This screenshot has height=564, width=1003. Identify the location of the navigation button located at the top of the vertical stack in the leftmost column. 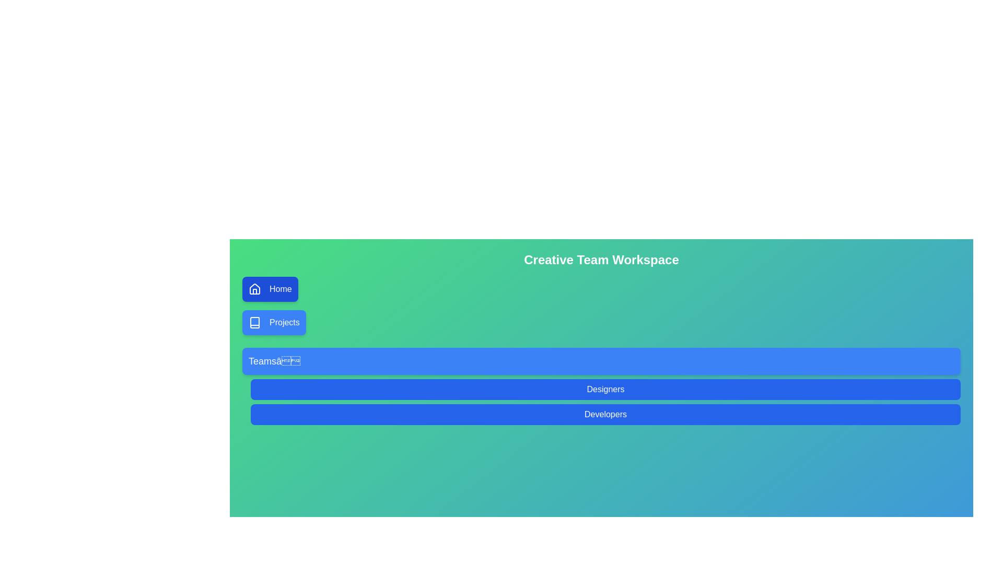
(270, 289).